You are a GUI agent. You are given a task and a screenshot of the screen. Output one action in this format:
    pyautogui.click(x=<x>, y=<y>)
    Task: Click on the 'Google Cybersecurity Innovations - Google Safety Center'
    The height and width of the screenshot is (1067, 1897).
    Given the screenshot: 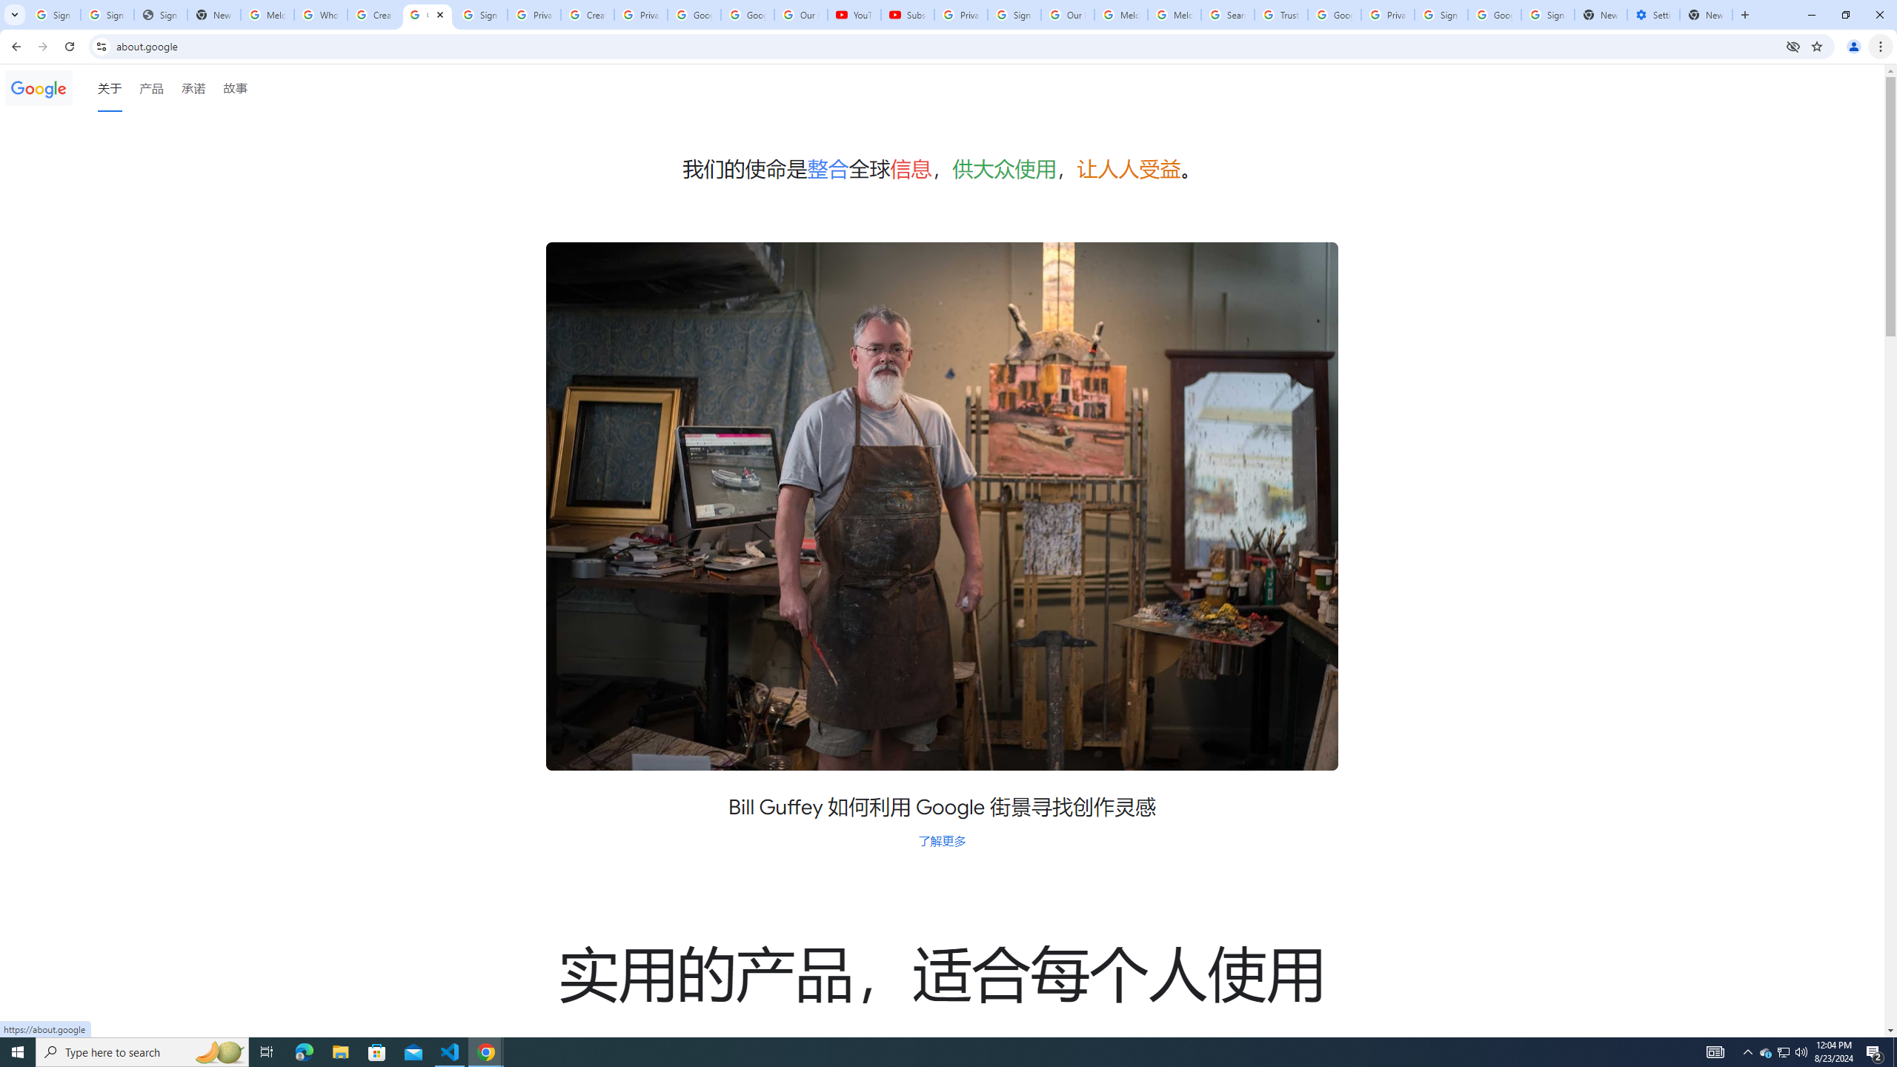 What is the action you would take?
    pyautogui.click(x=1493, y=14)
    